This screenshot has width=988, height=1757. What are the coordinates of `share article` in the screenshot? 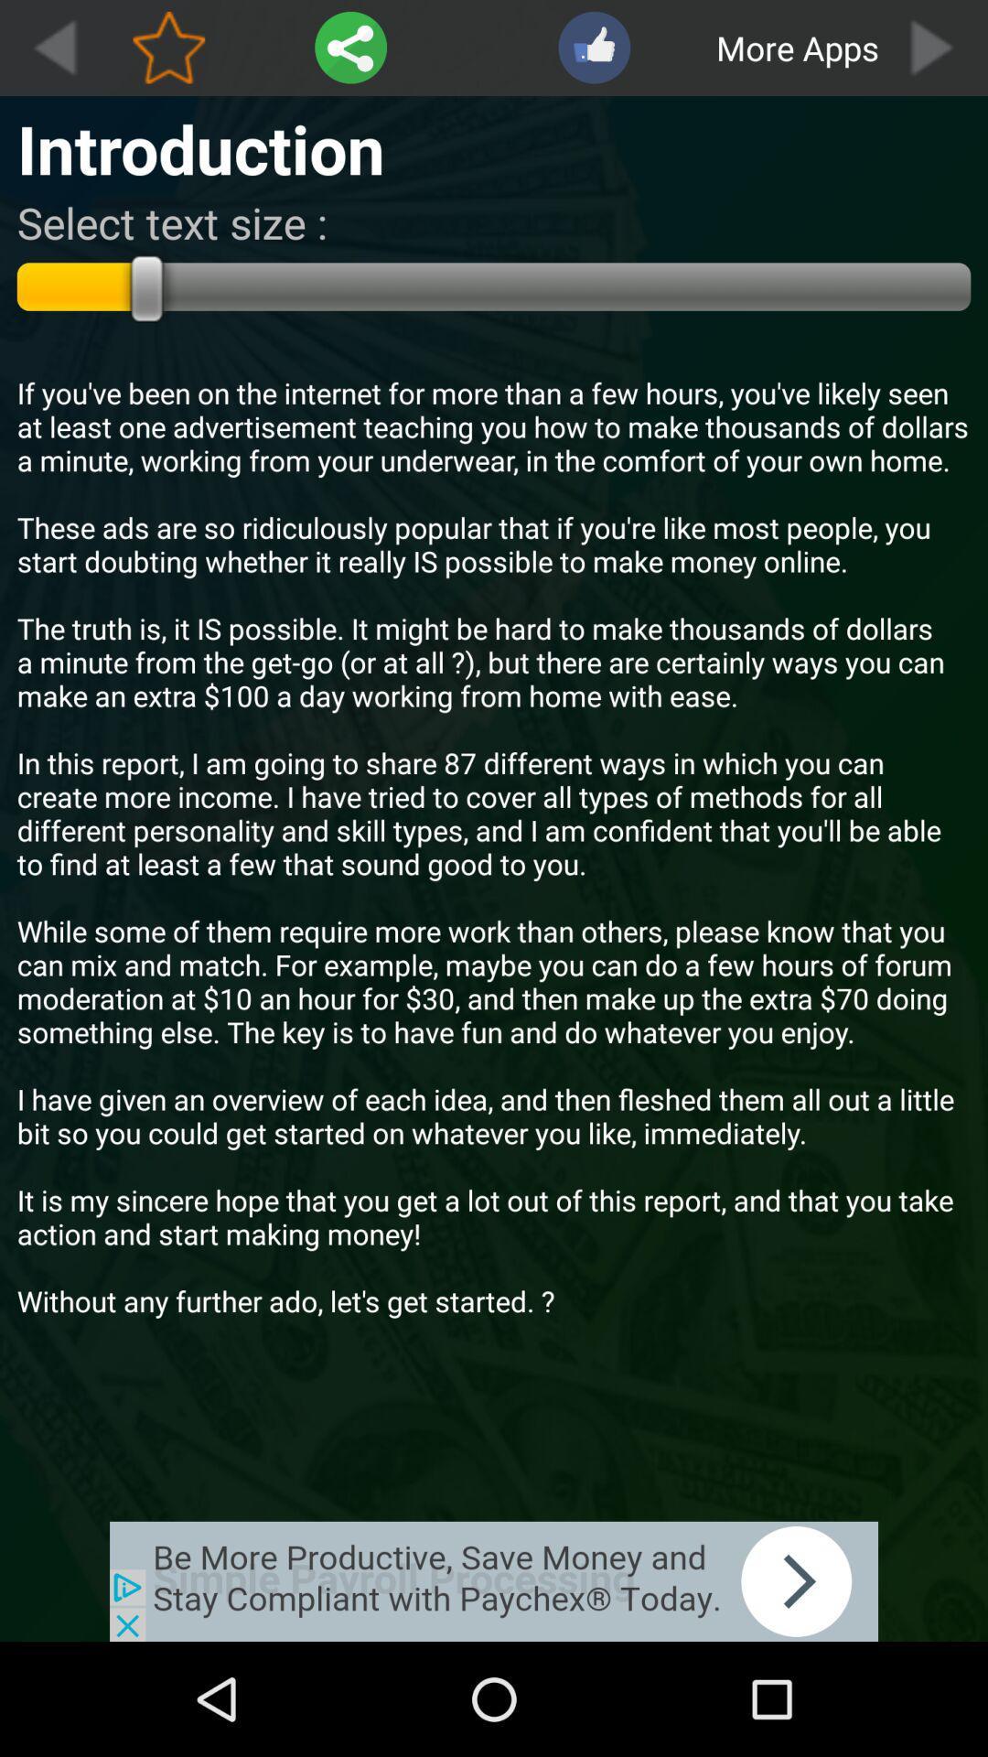 It's located at (350, 48).